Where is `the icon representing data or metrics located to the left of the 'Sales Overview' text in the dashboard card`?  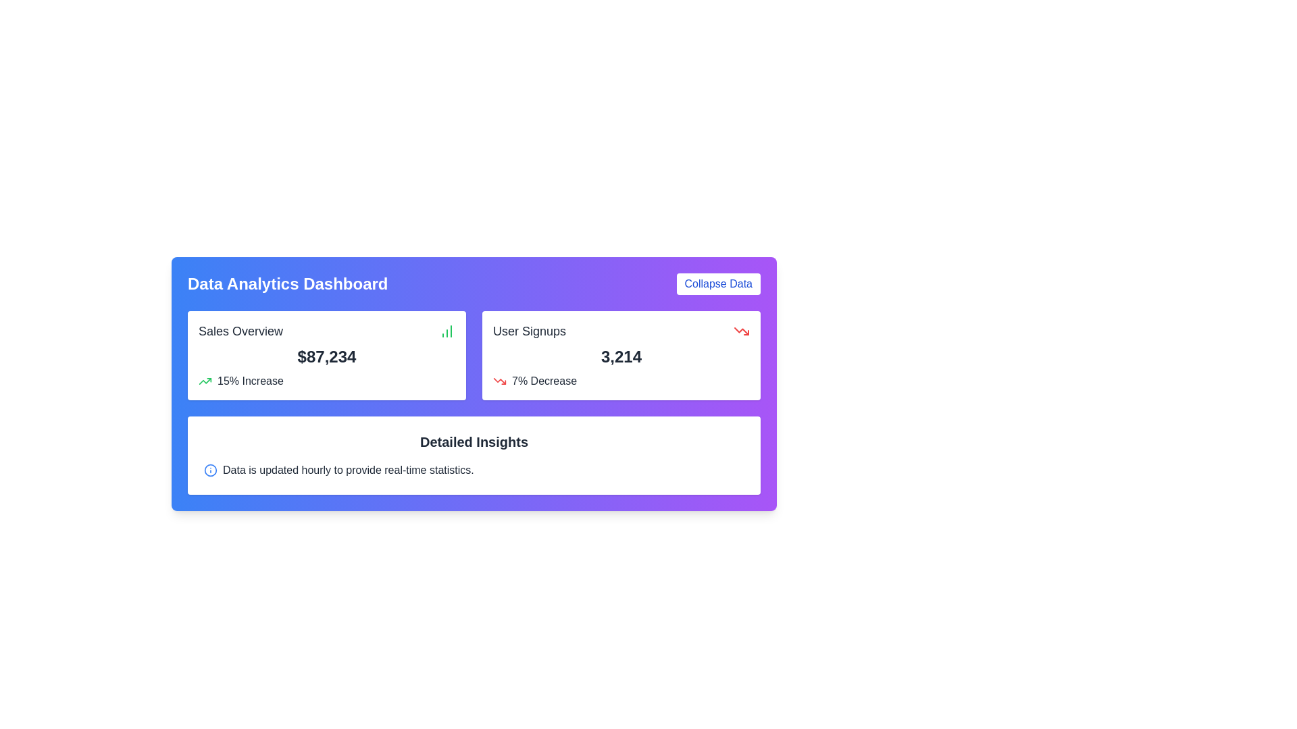 the icon representing data or metrics located to the left of the 'Sales Overview' text in the dashboard card is located at coordinates (447, 331).